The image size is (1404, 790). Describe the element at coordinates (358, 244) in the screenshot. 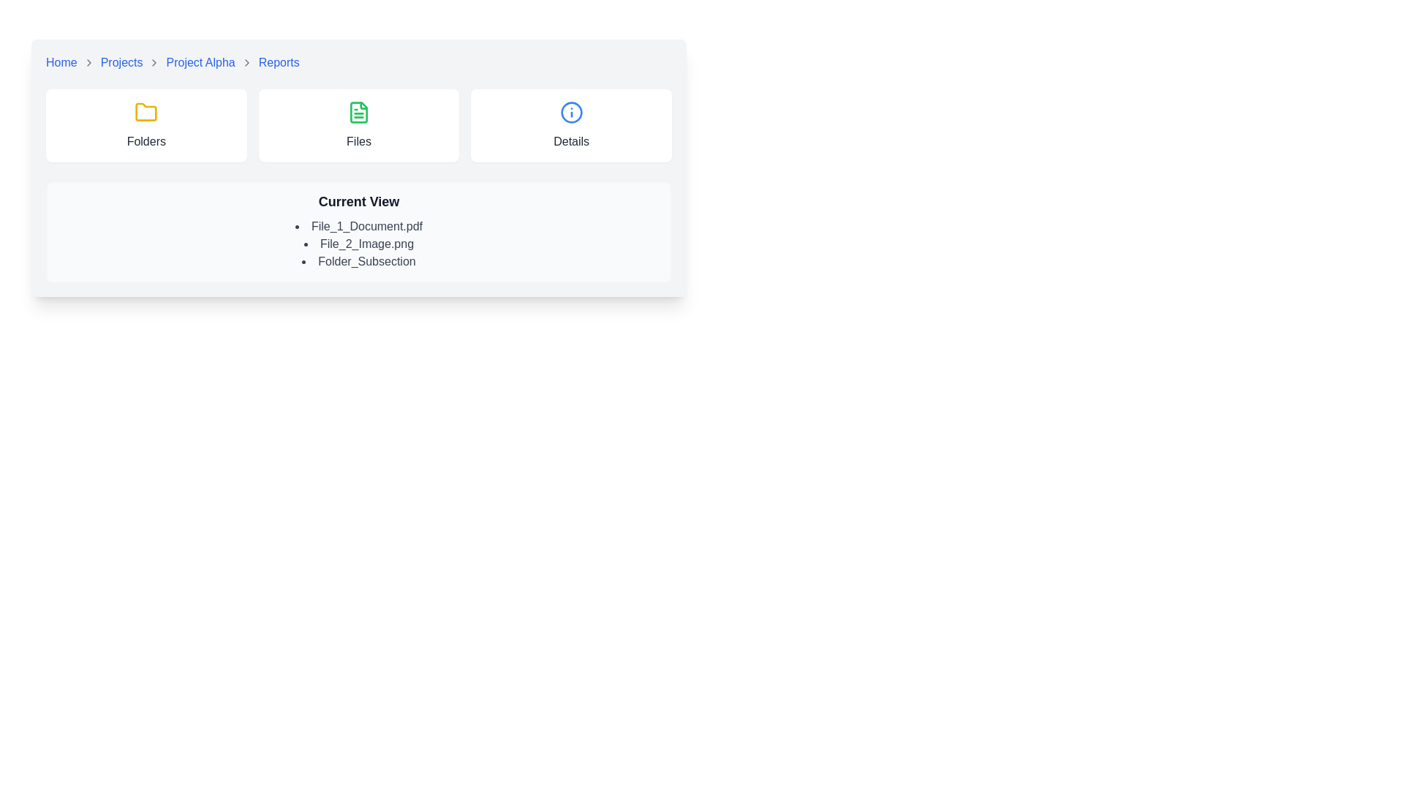

I see `the list item representing the file 'File_2_Image.png', the second item under the 'Current View' heading` at that location.